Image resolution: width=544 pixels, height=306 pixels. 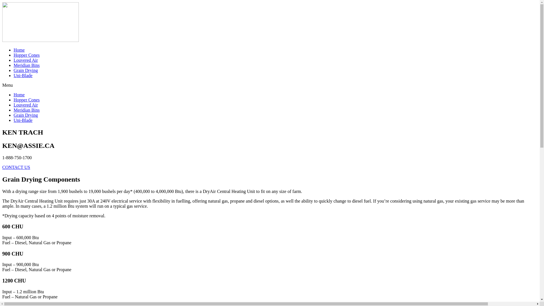 What do you see at coordinates (26, 99) in the screenshot?
I see `'Hopper Cones'` at bounding box center [26, 99].